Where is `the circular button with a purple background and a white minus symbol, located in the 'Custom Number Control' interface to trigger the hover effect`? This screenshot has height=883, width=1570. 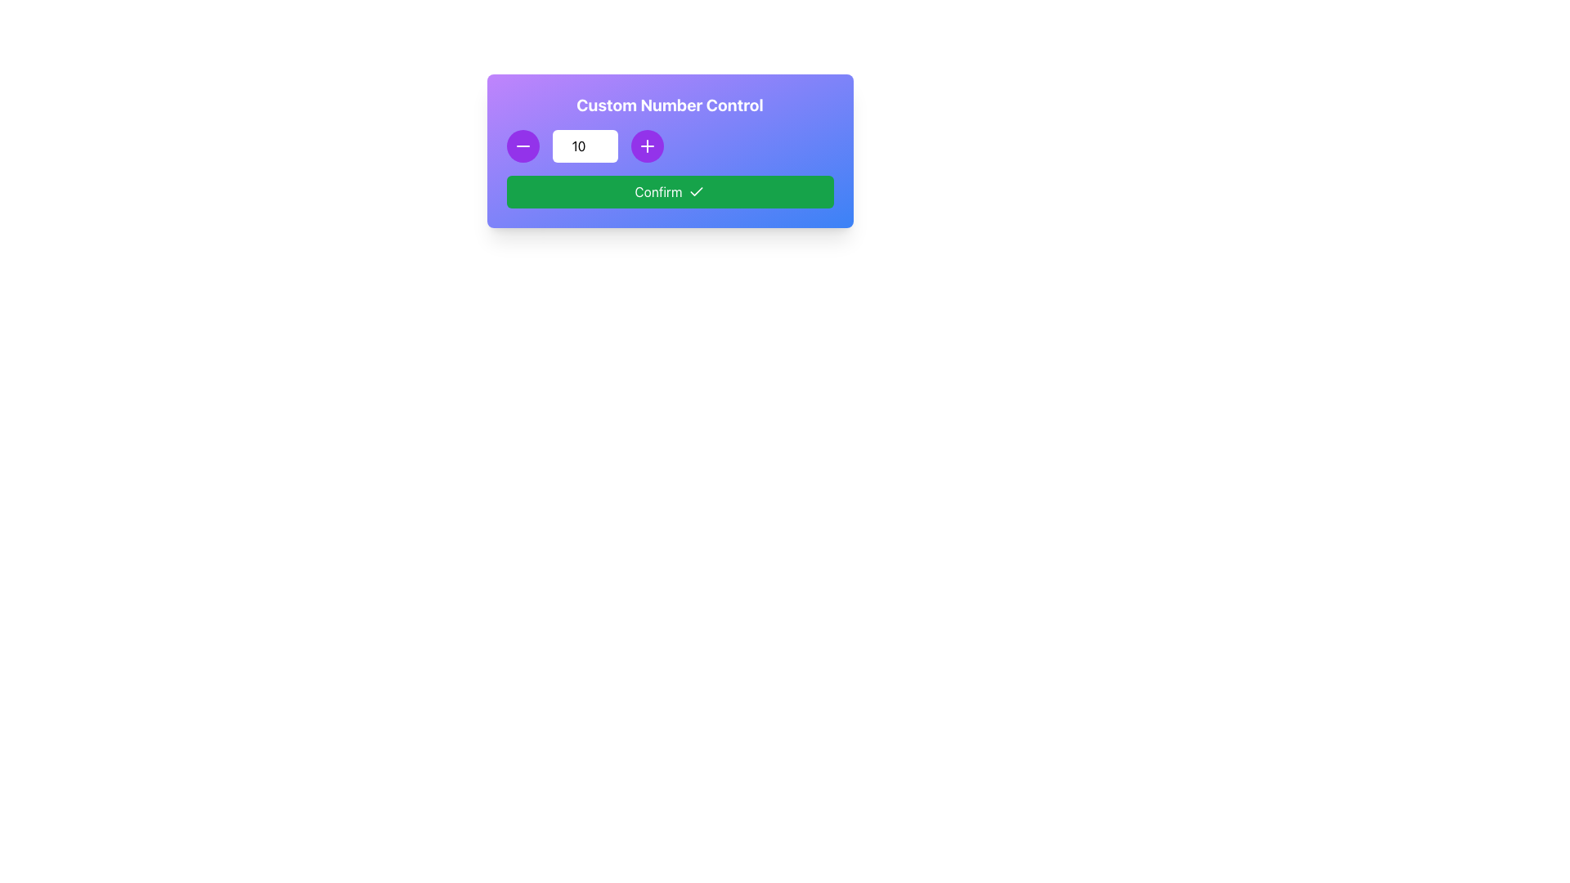 the circular button with a purple background and a white minus symbol, located in the 'Custom Number Control' interface to trigger the hover effect is located at coordinates (522, 145).